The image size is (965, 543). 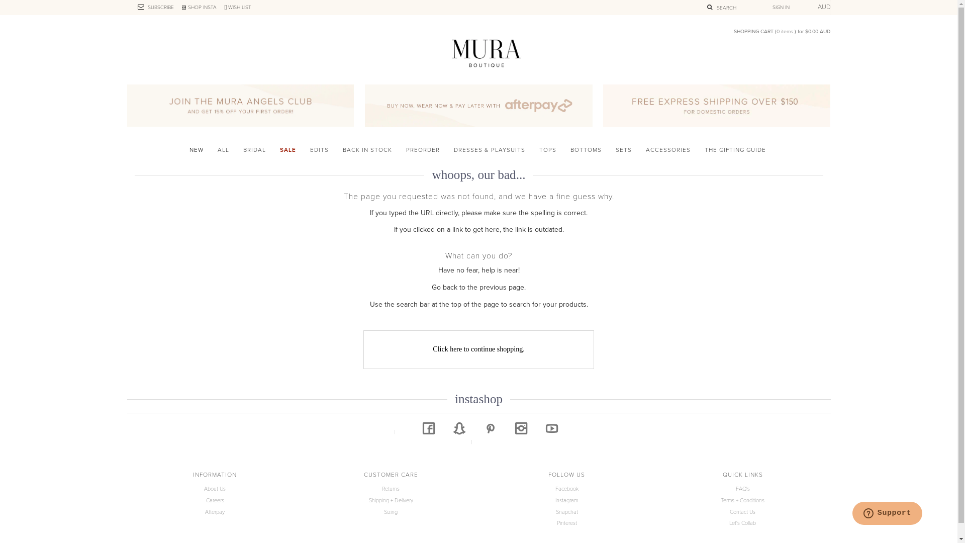 I want to click on 'Terms + Conditions', so click(x=720, y=500).